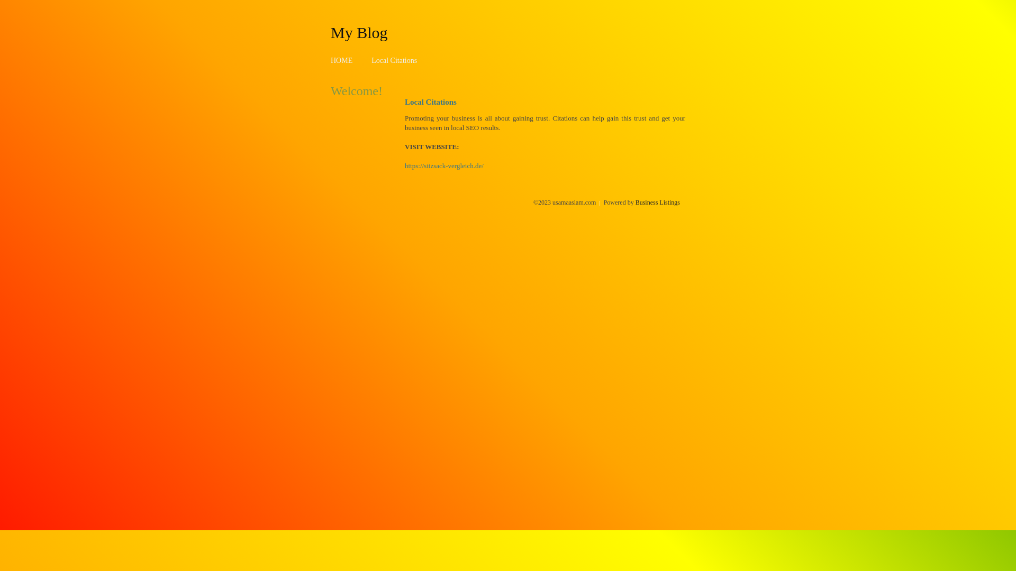 The image size is (1016, 571). Describe the element at coordinates (657, 202) in the screenshot. I see `'Business Listings'` at that location.